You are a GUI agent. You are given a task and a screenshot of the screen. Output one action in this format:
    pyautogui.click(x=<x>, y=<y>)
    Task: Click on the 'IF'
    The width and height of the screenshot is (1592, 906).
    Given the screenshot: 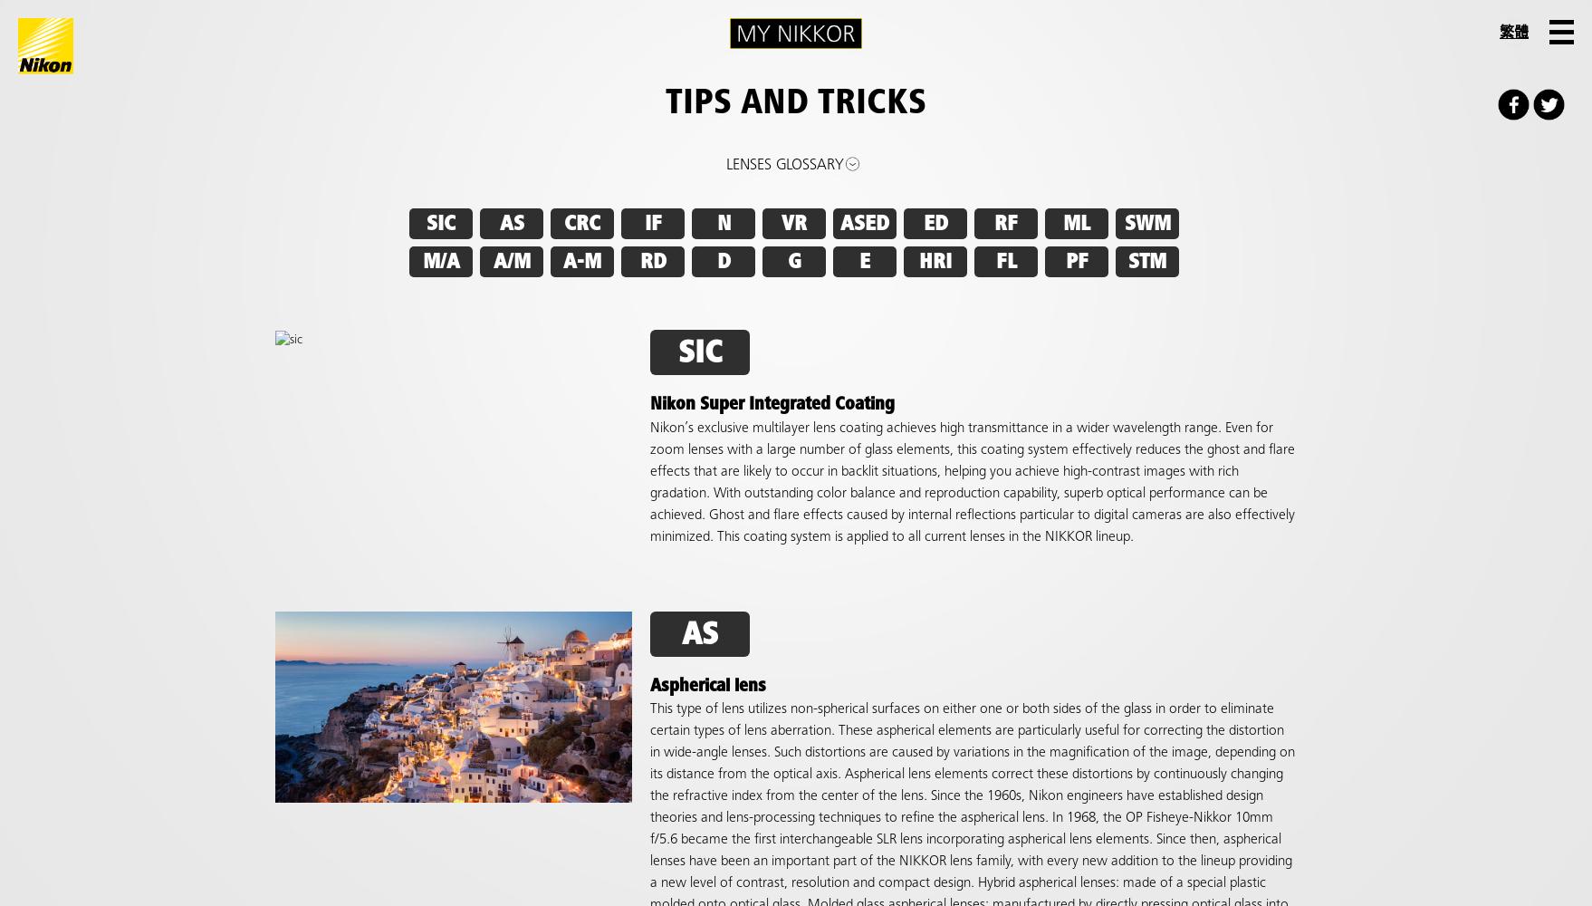 What is the action you would take?
    pyautogui.click(x=652, y=223)
    